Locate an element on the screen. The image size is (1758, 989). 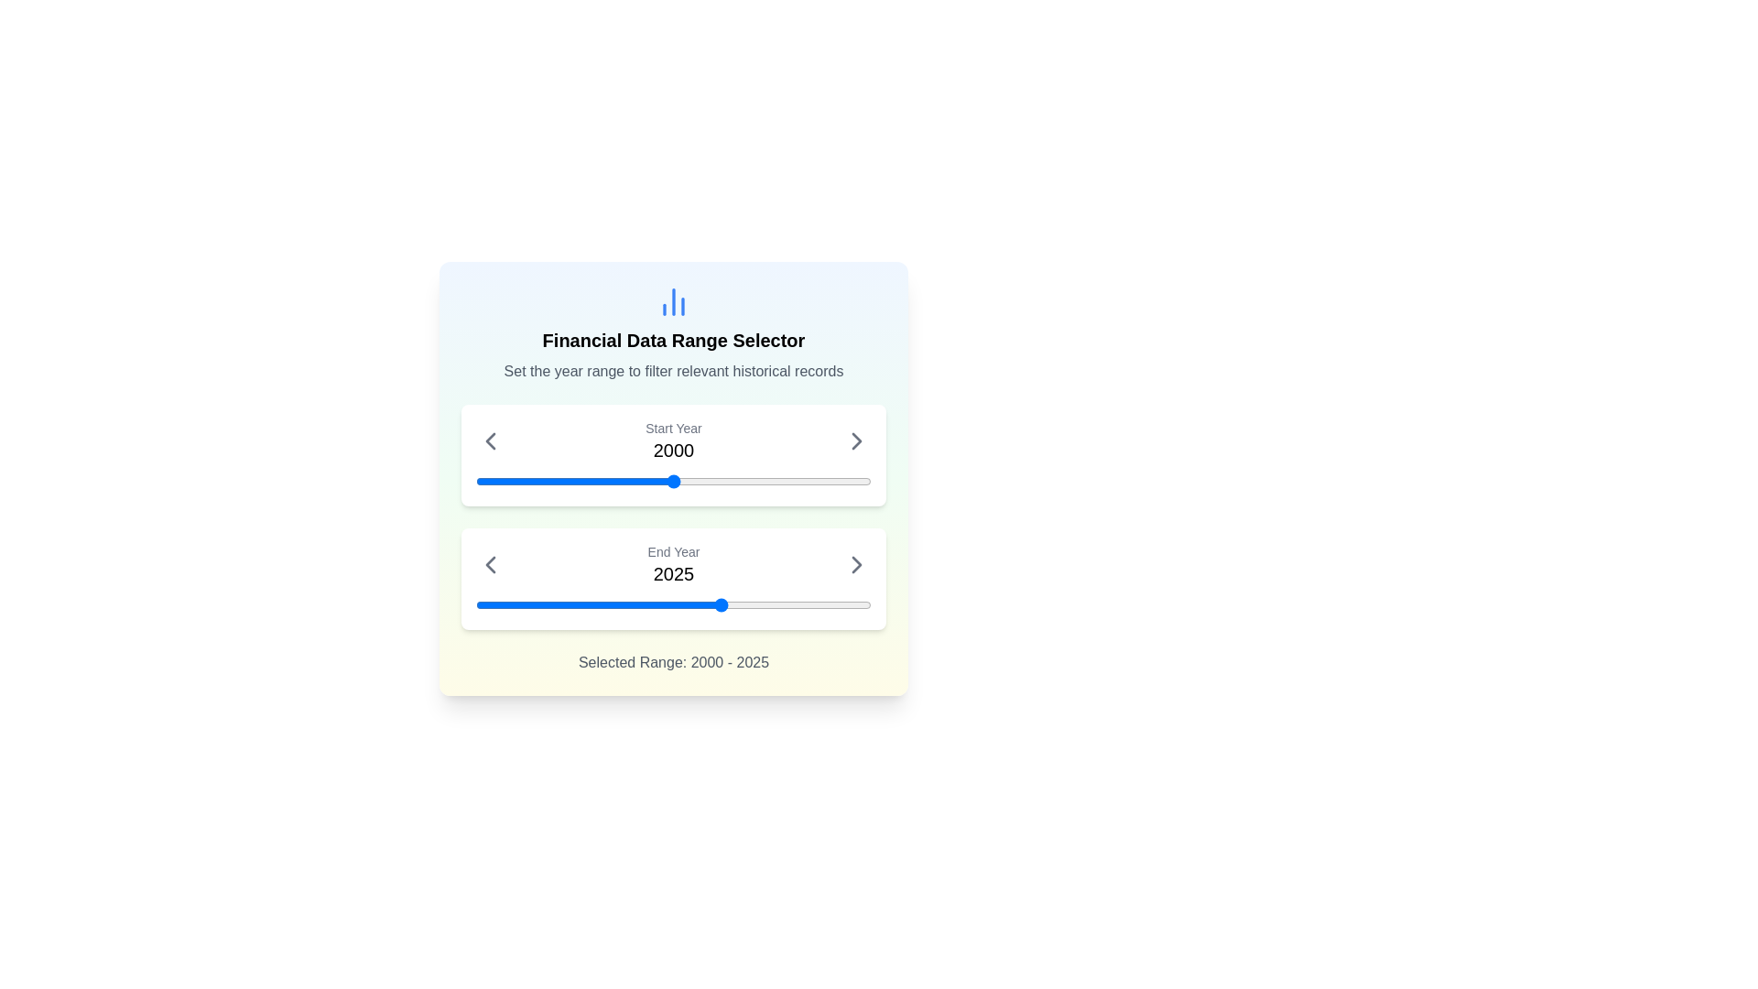
the right-pointing chevron icon button located on the lower row of the 'End Year' selector to increment the year value is located at coordinates (856, 564).